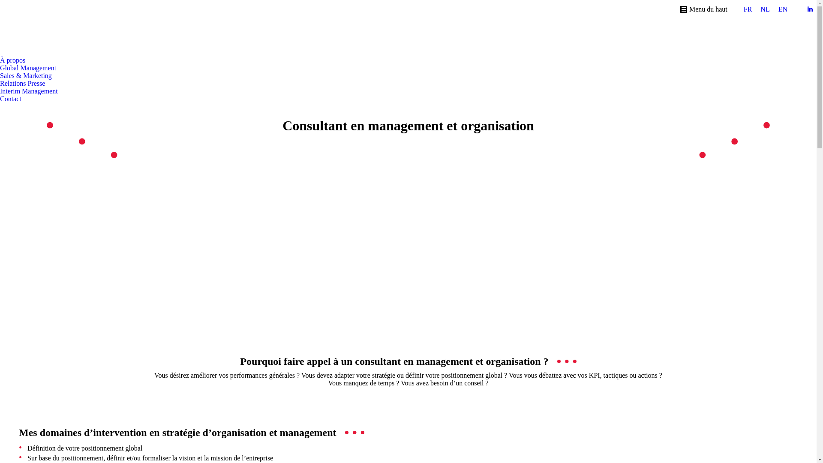 The image size is (823, 463). I want to click on 'Global Management', so click(0, 67).